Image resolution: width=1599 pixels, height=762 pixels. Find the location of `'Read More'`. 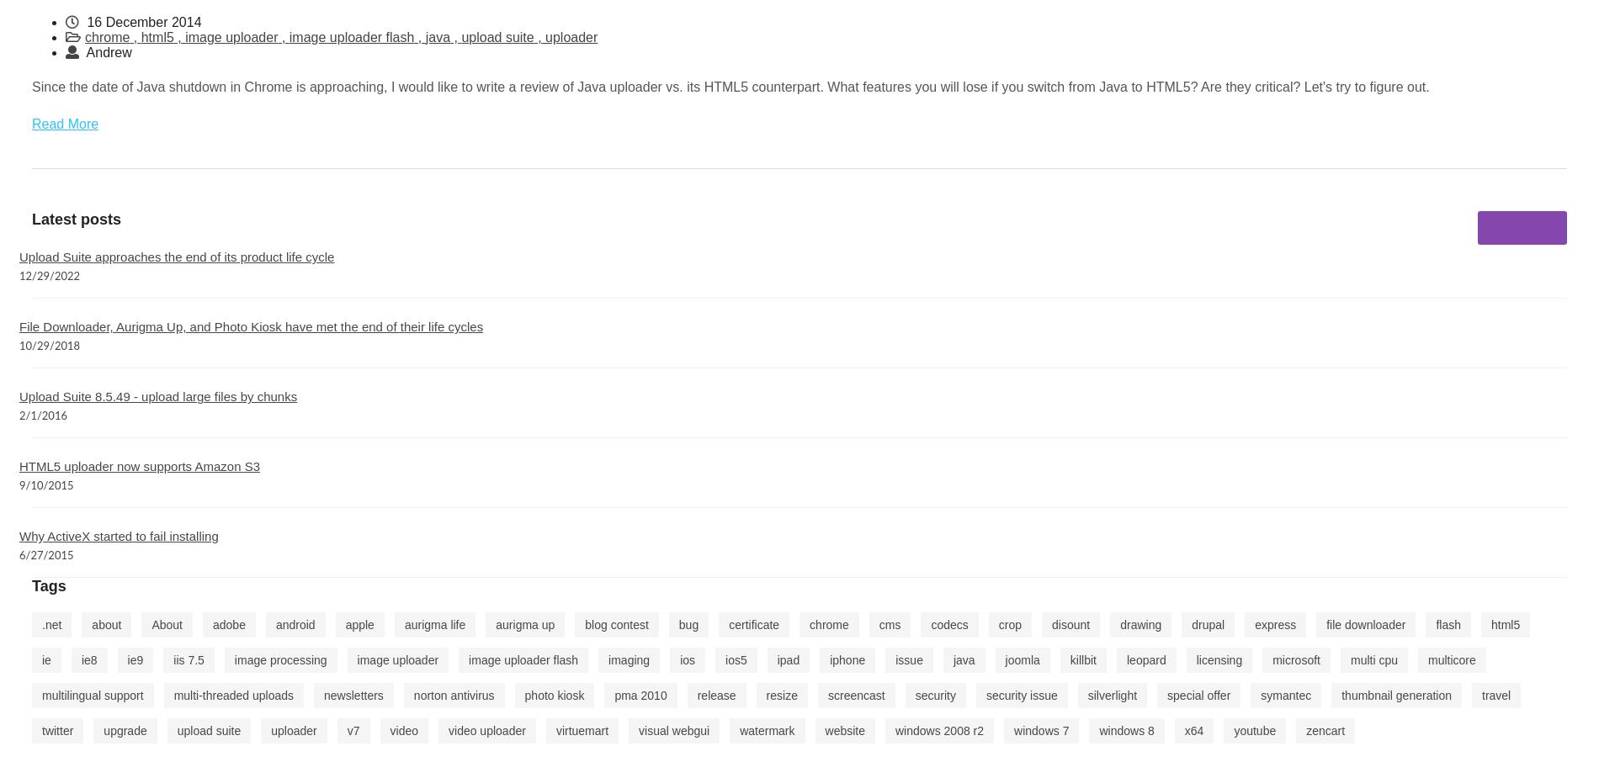

'Read More' is located at coordinates (65, 124).